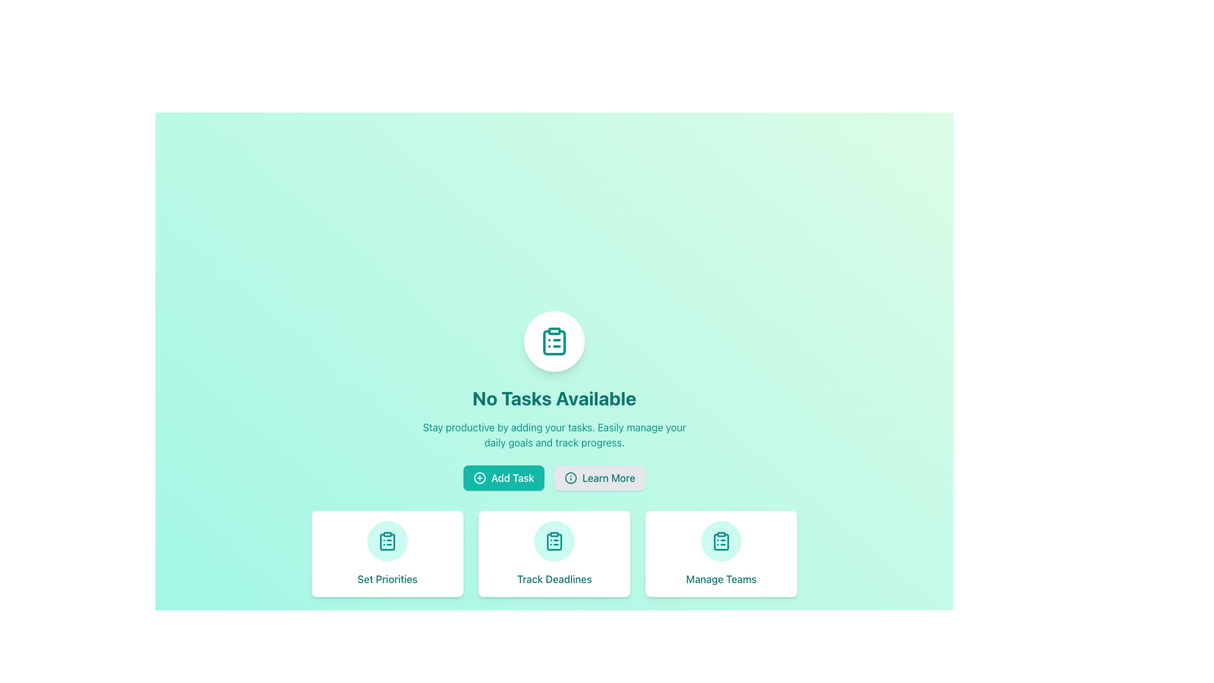 This screenshot has width=1214, height=683. What do you see at coordinates (555, 553) in the screenshot?
I see `the grid of informational cards featuring 'Set Priorities', 'Track Deadlines', and 'Manage Teams'` at bounding box center [555, 553].